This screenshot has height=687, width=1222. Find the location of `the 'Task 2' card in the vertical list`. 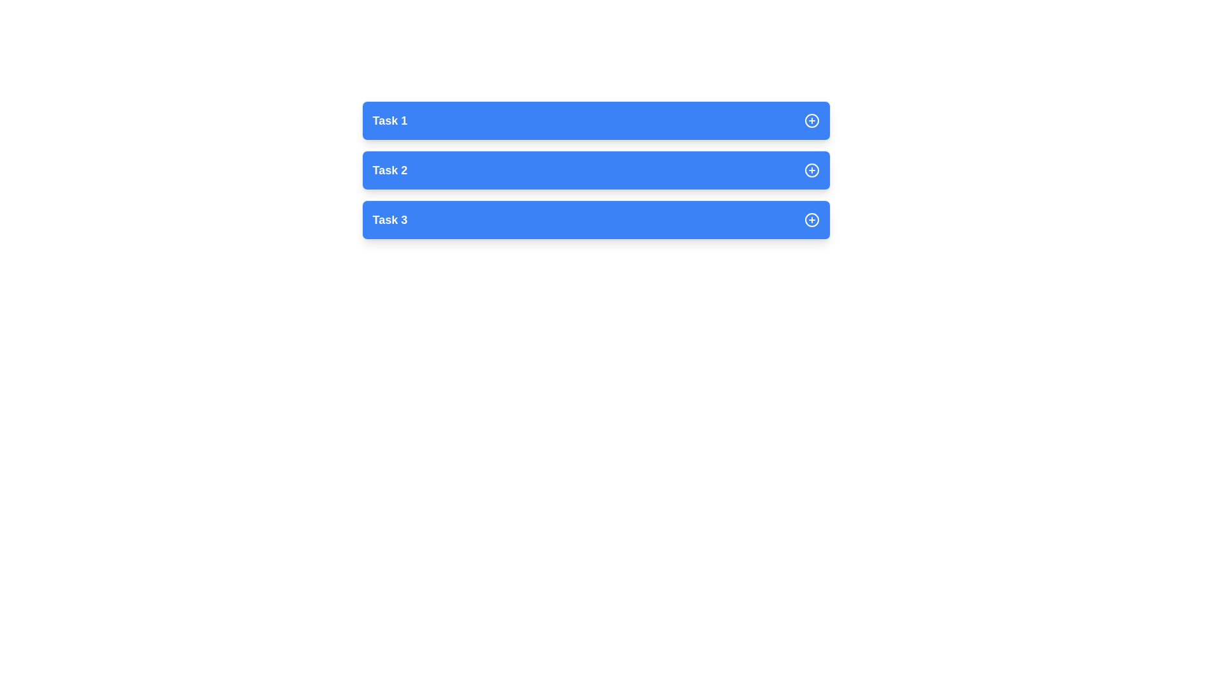

the 'Task 2' card in the vertical list is located at coordinates (595, 169).